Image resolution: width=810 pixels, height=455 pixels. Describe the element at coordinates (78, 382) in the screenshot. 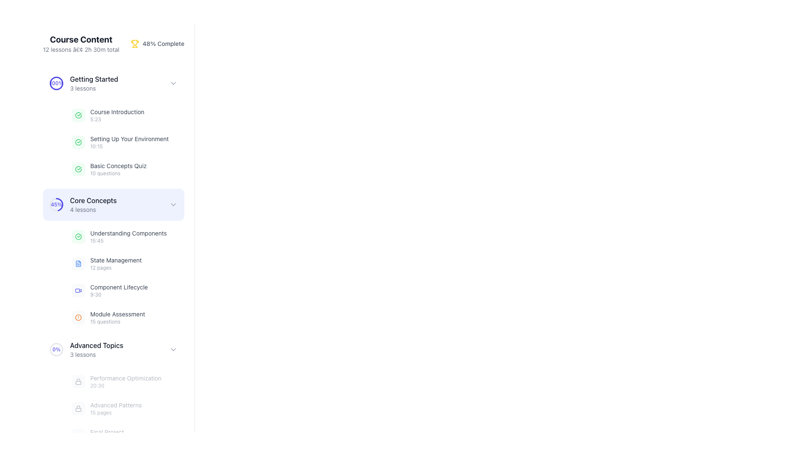

I see `the lock icon representing secured access in the 'Advanced Topics' section of the course content` at that location.